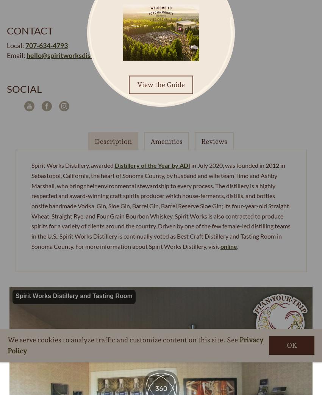 This screenshot has height=395, width=322. Describe the element at coordinates (31, 354) in the screenshot. I see `'My Plan'` at that location.